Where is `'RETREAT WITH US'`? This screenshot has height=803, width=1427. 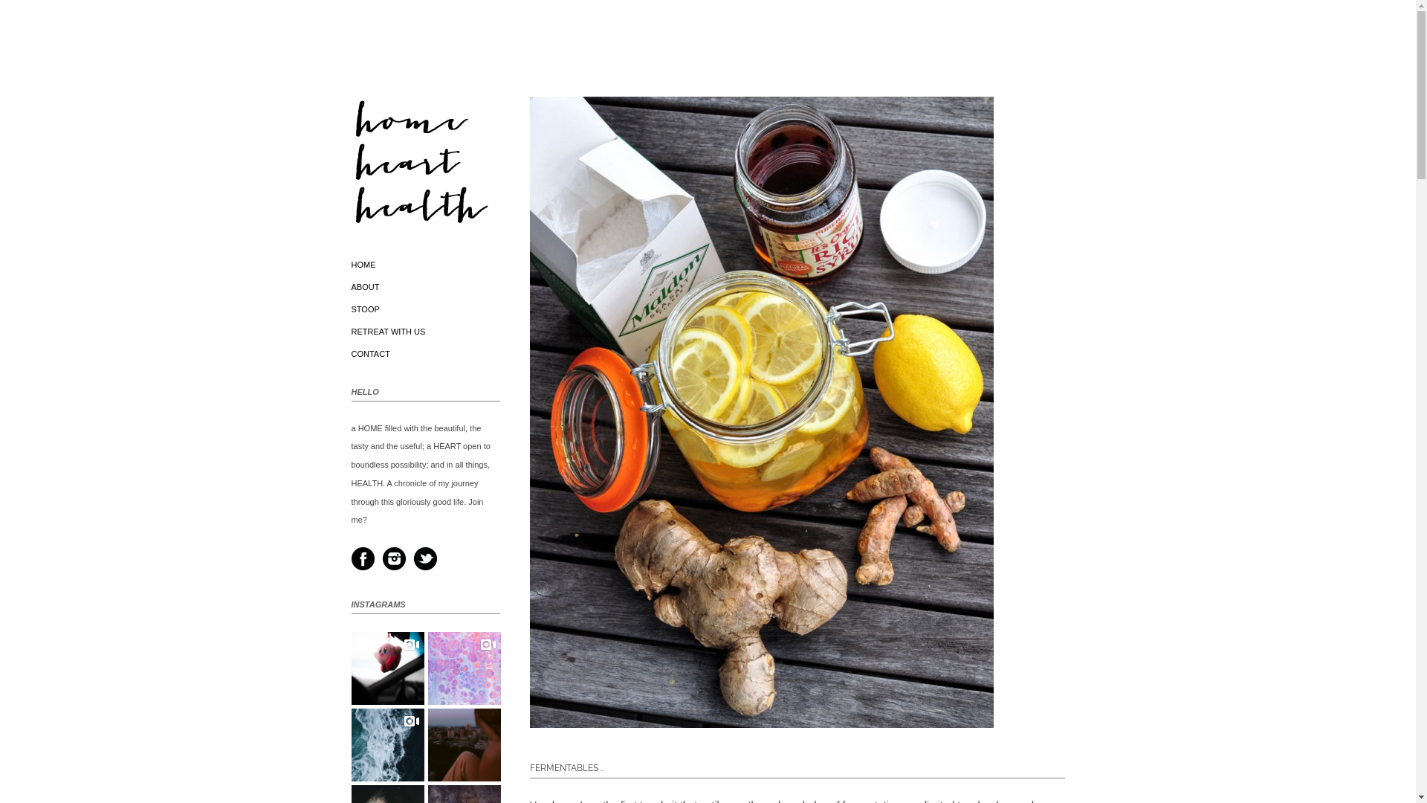 'RETREAT WITH US' is located at coordinates (388, 331).